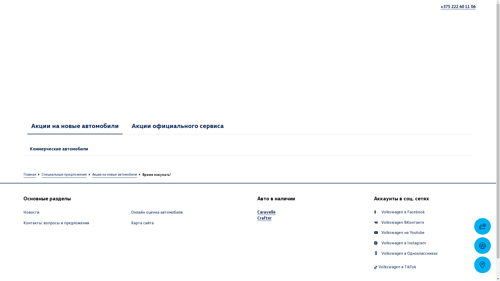 Image resolution: width=500 pixels, height=281 pixels. What do you see at coordinates (264, 218) in the screenshot?
I see `'Crafter'` at bounding box center [264, 218].